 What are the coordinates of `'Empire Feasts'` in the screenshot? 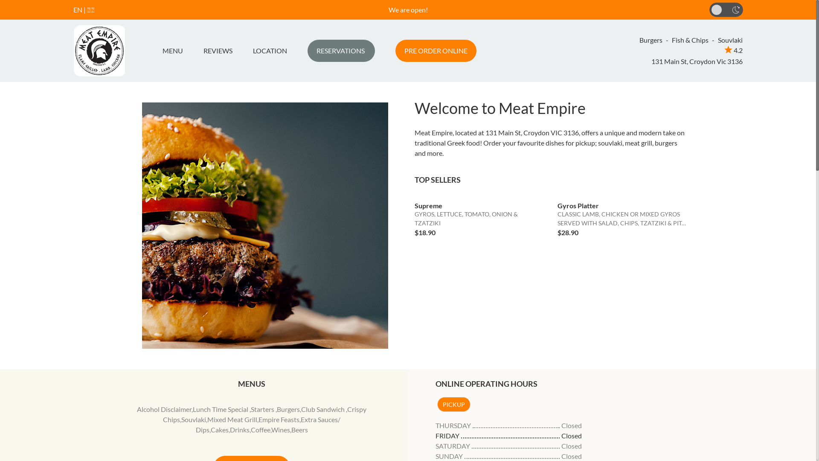 It's located at (279, 419).